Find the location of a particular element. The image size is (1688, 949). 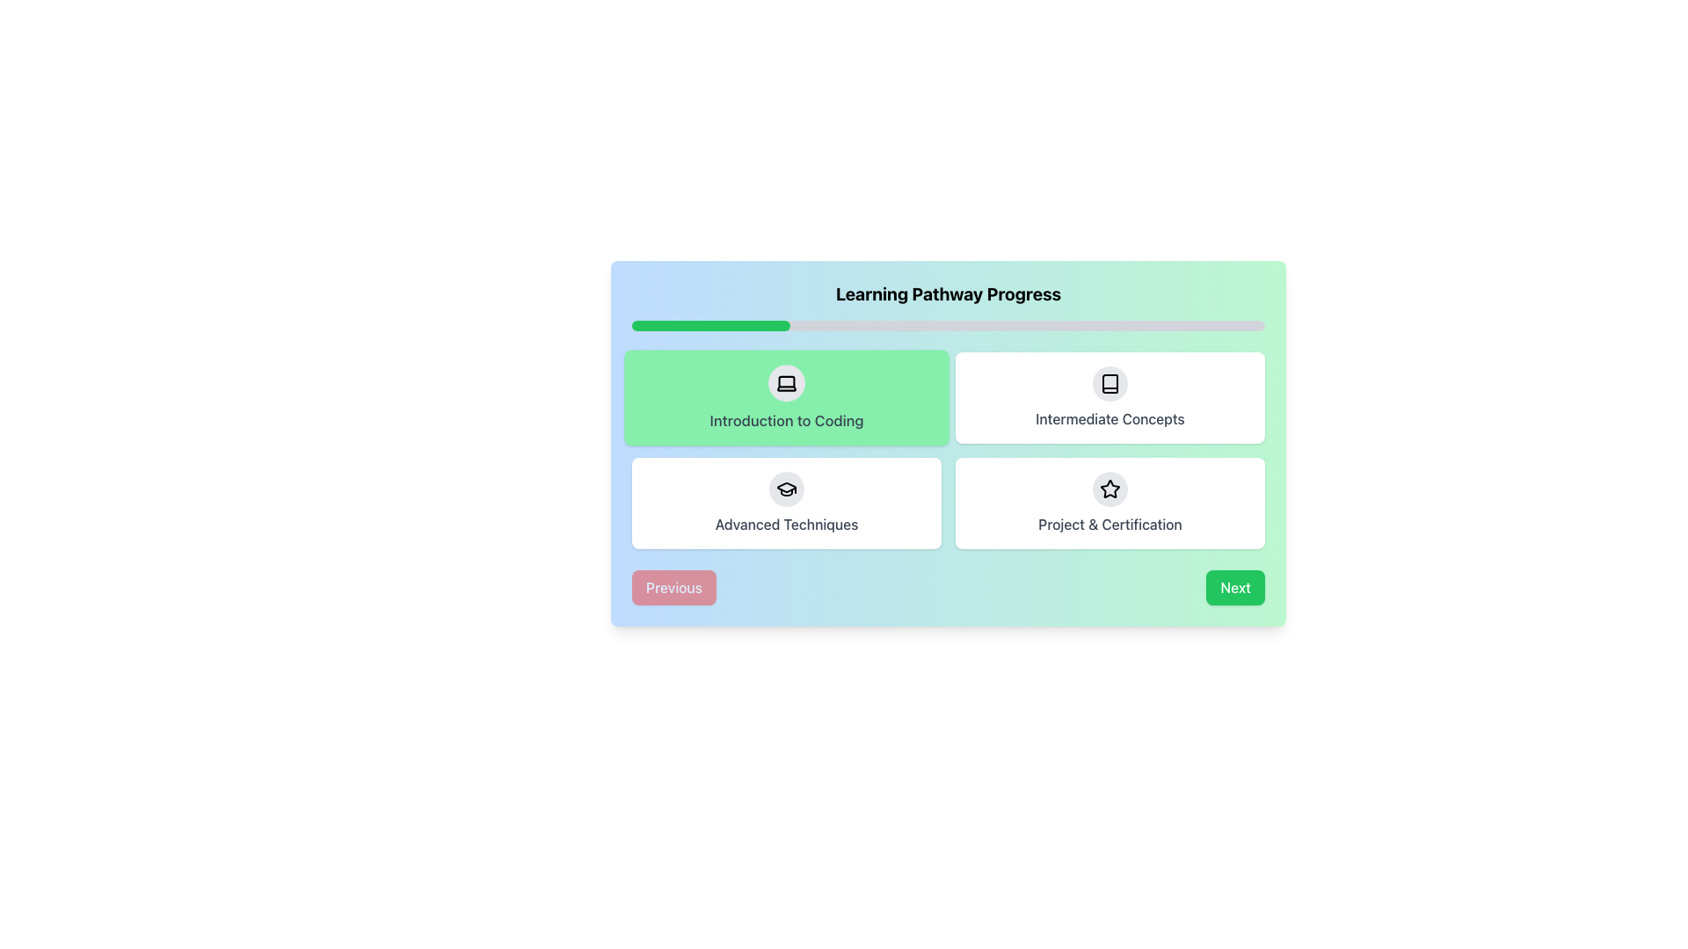

progress is located at coordinates (1105, 325).